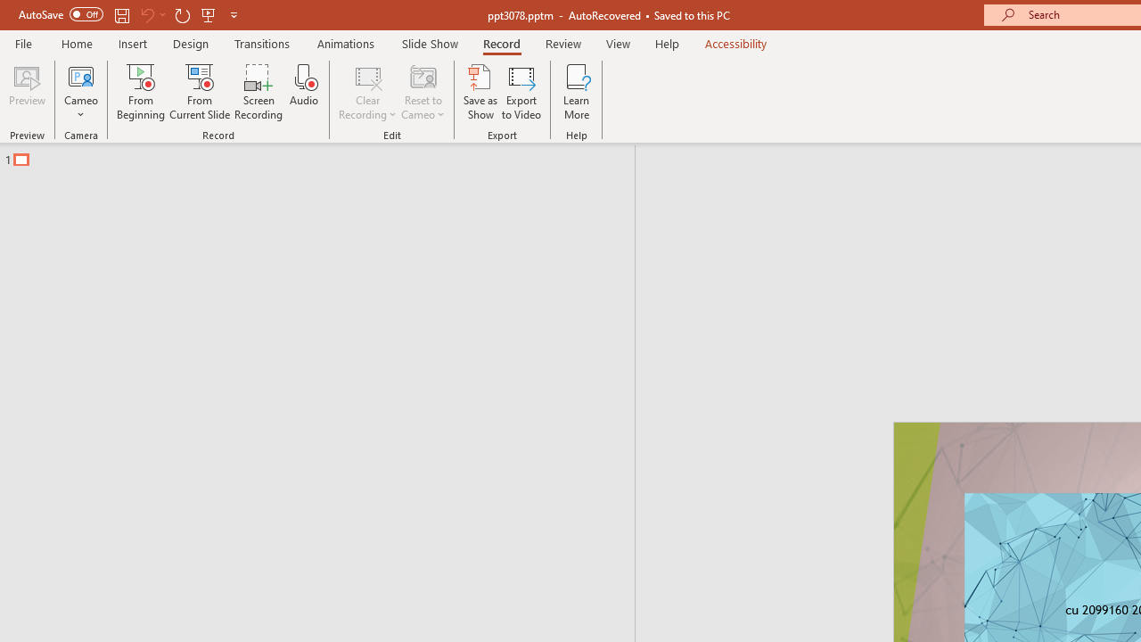 Image resolution: width=1141 pixels, height=642 pixels. I want to click on 'Audio', so click(304, 92).